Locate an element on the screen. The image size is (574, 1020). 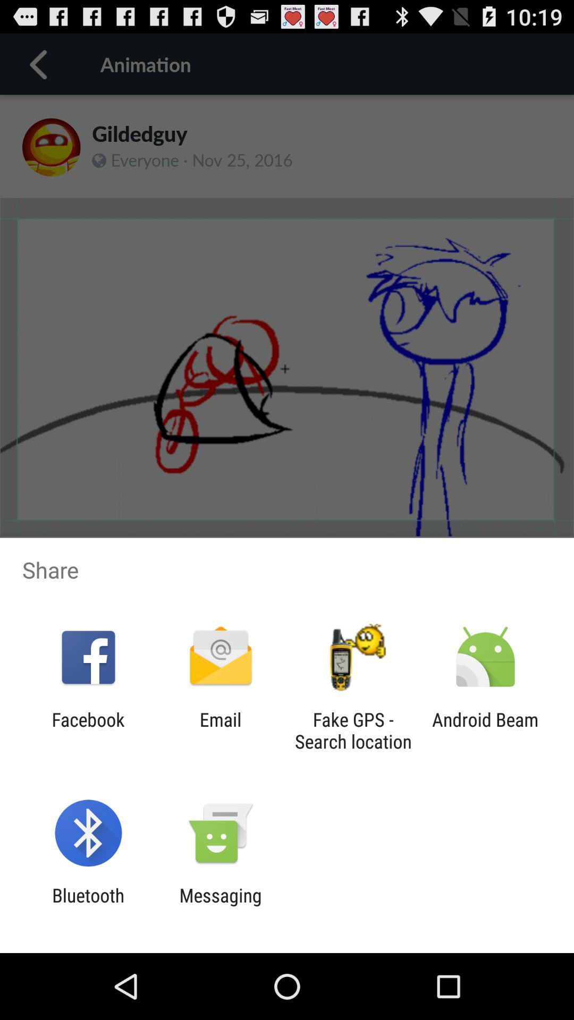
item next to email is located at coordinates (353, 730).